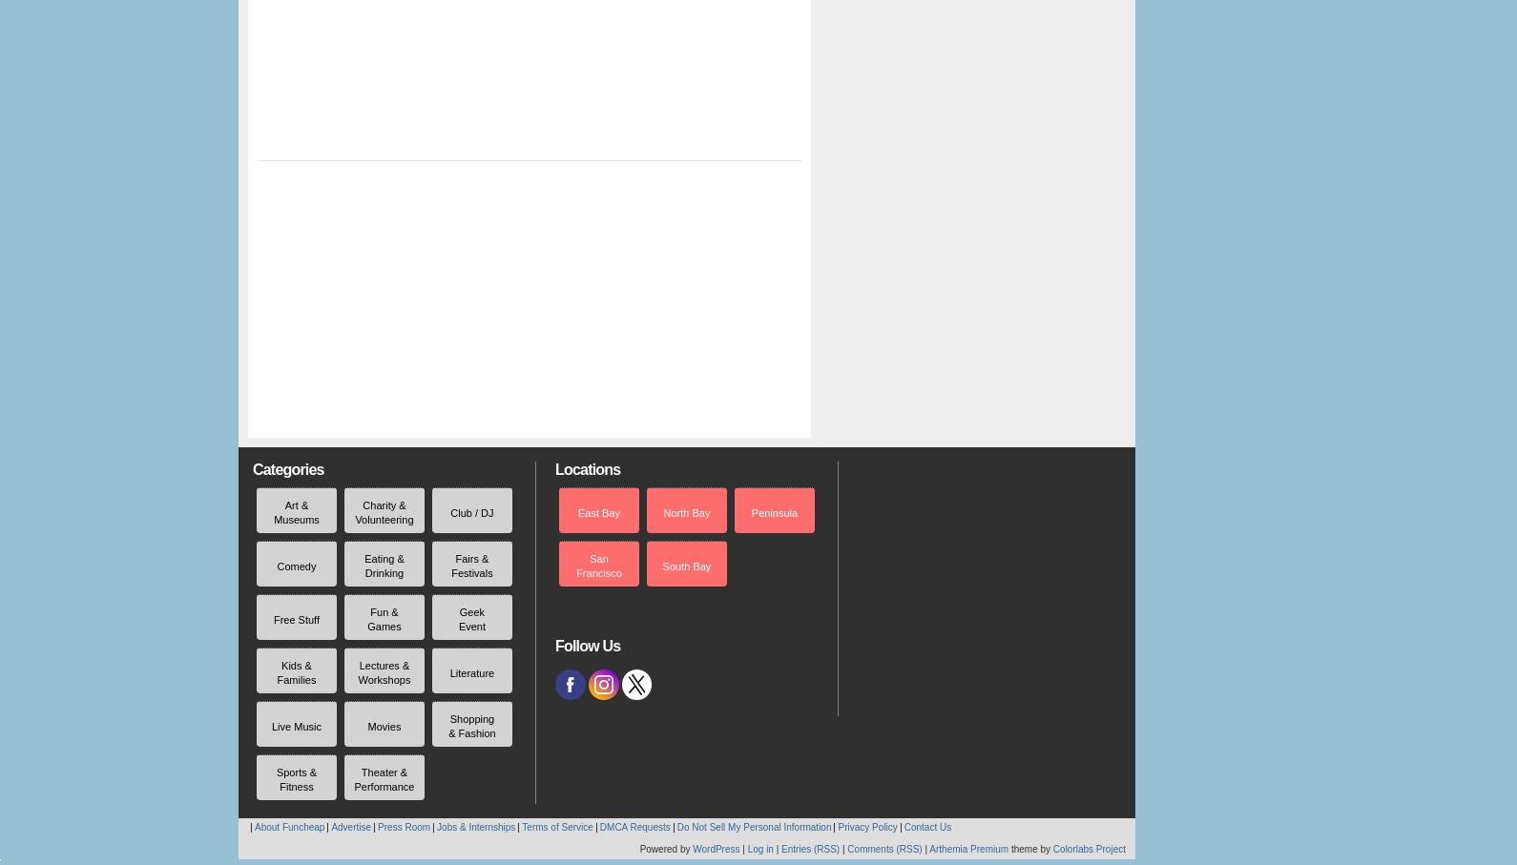 The image size is (1517, 865). I want to click on 'Powered by', so click(665, 849).